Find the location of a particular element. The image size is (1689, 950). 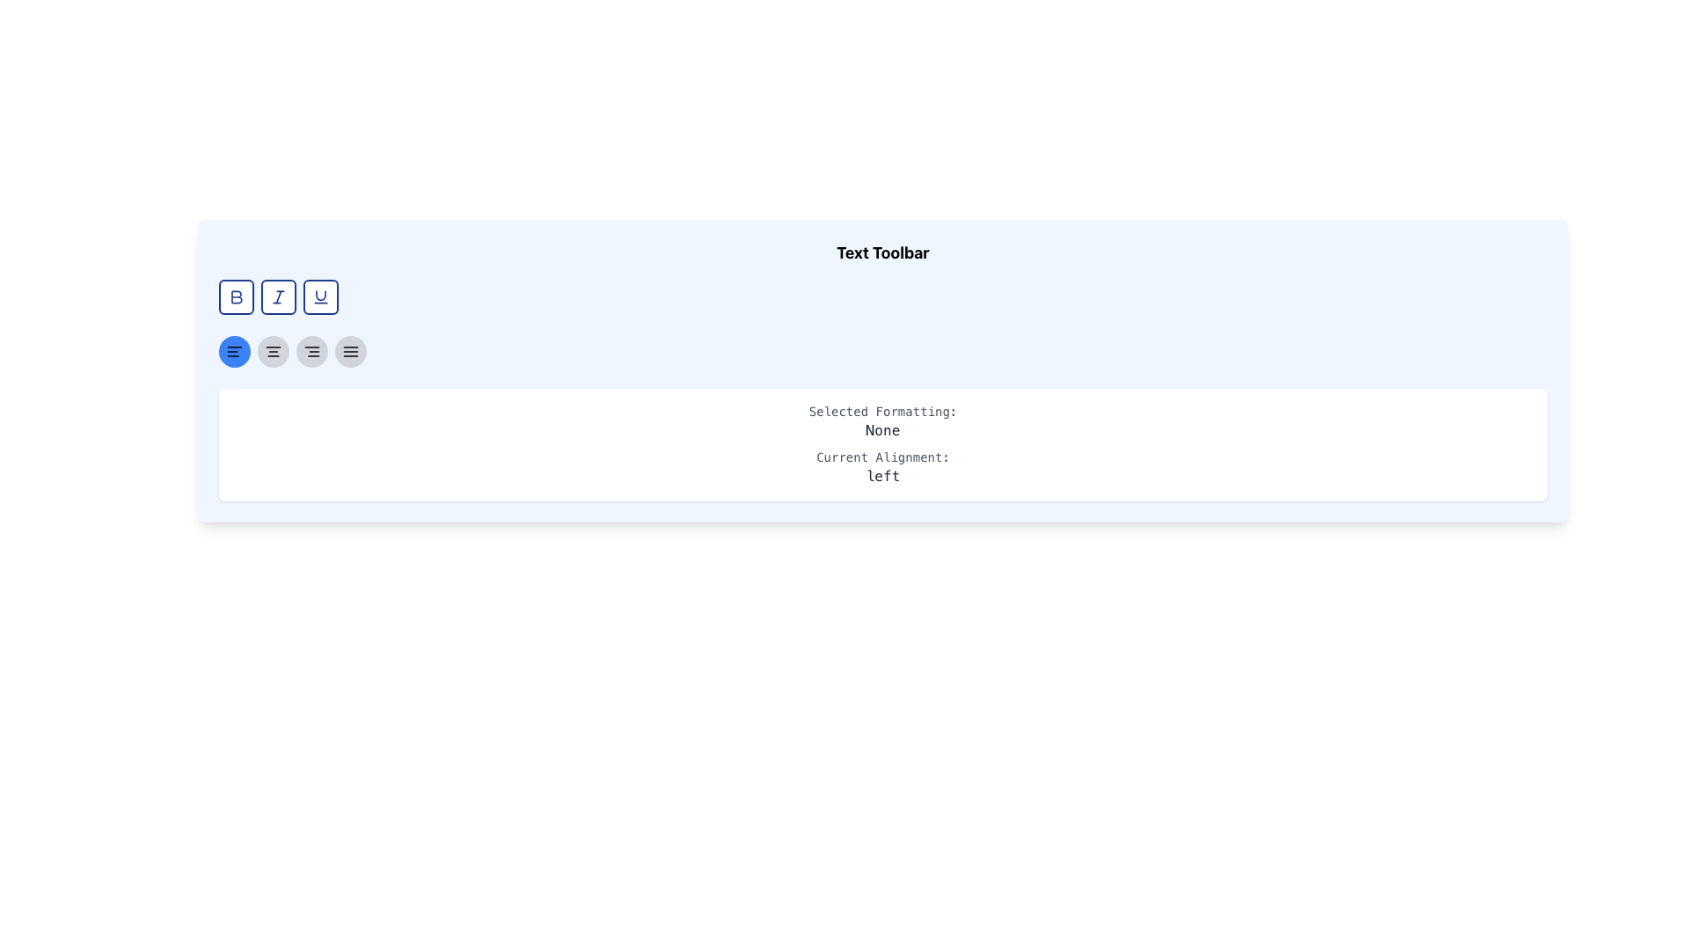

the first button in the horizontal row of three buttons, which resembles a bold letter 'B', to apply bold formatting is located at coordinates (235, 296).